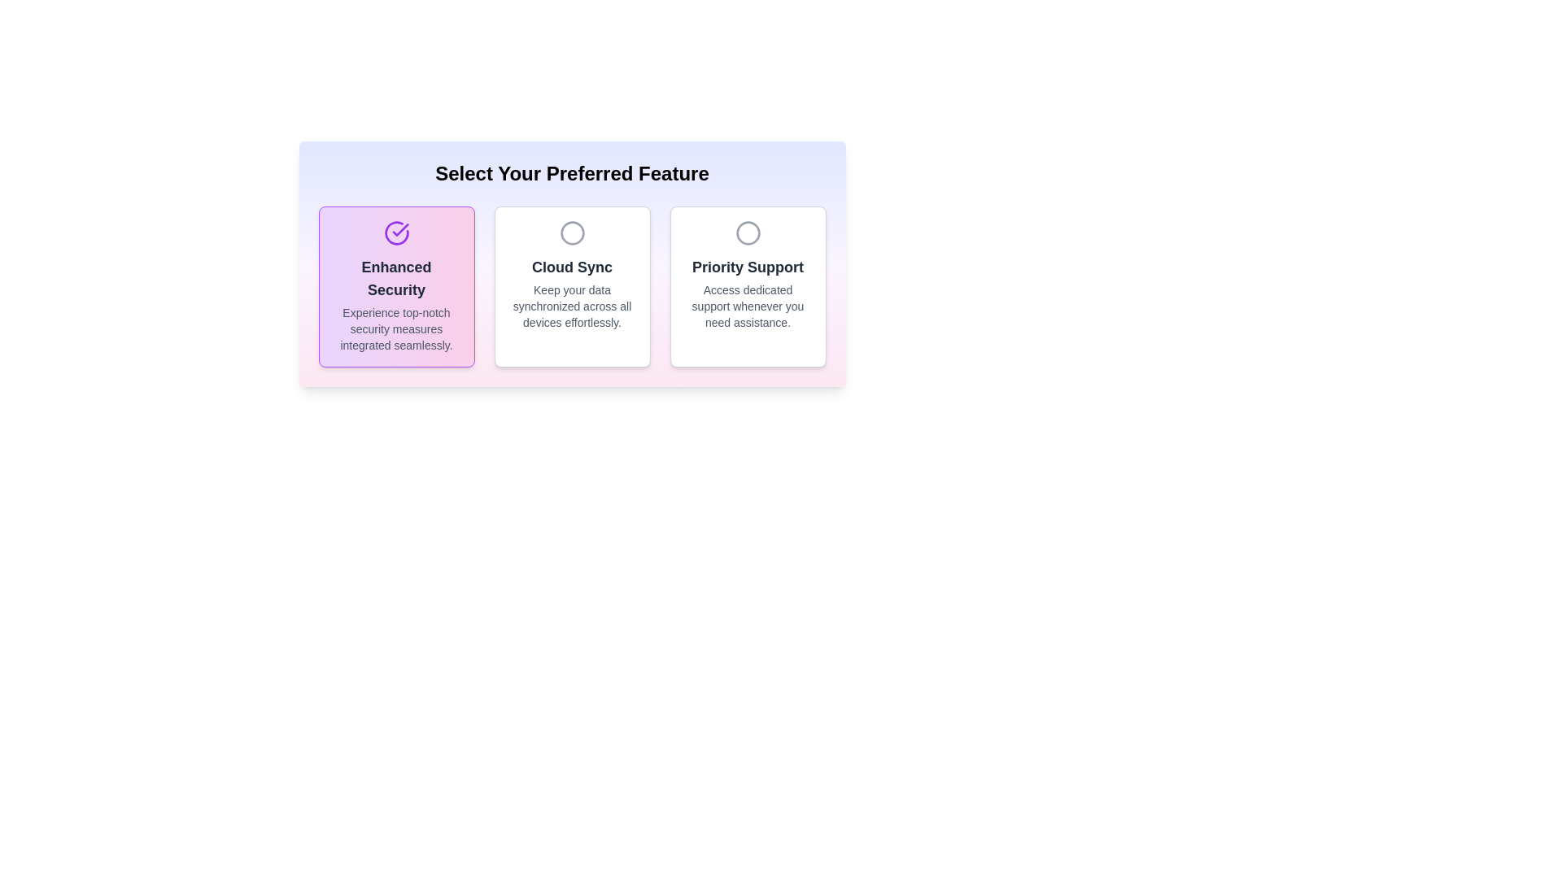  Describe the element at coordinates (747, 266) in the screenshot. I see `the 'Priority Support' text label, which serves as the title for the associated feature, located in the third box of three horizontally arranged options` at that location.